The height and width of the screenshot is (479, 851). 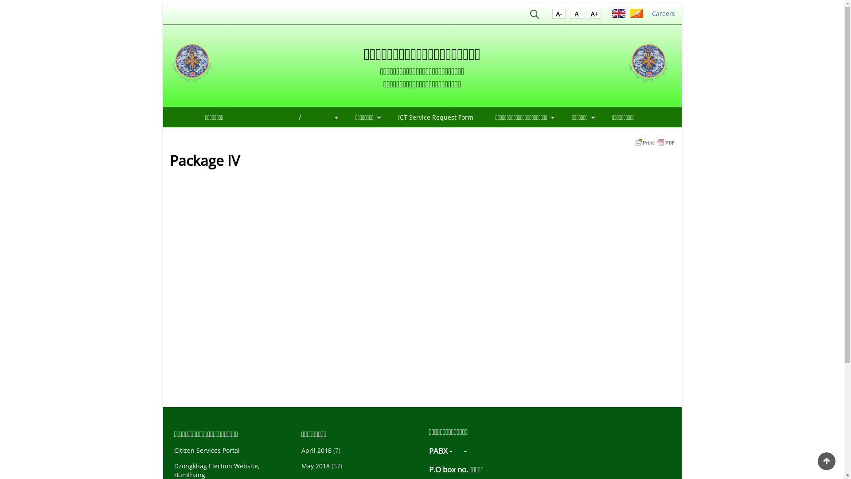 I want to click on 'A', so click(x=576, y=15).